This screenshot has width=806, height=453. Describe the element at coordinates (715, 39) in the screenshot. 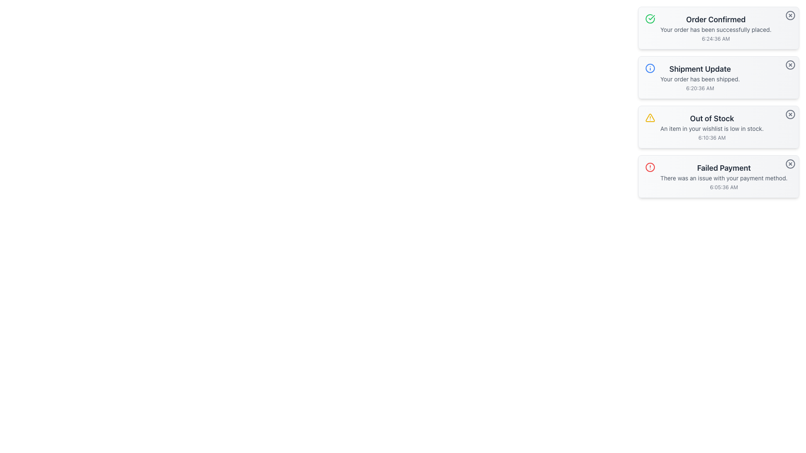

I see `the text displaying '6:24:36 AM' which is located below 'Your order has been successfully placed.' in the 'Order Confirmed' notification card` at that location.